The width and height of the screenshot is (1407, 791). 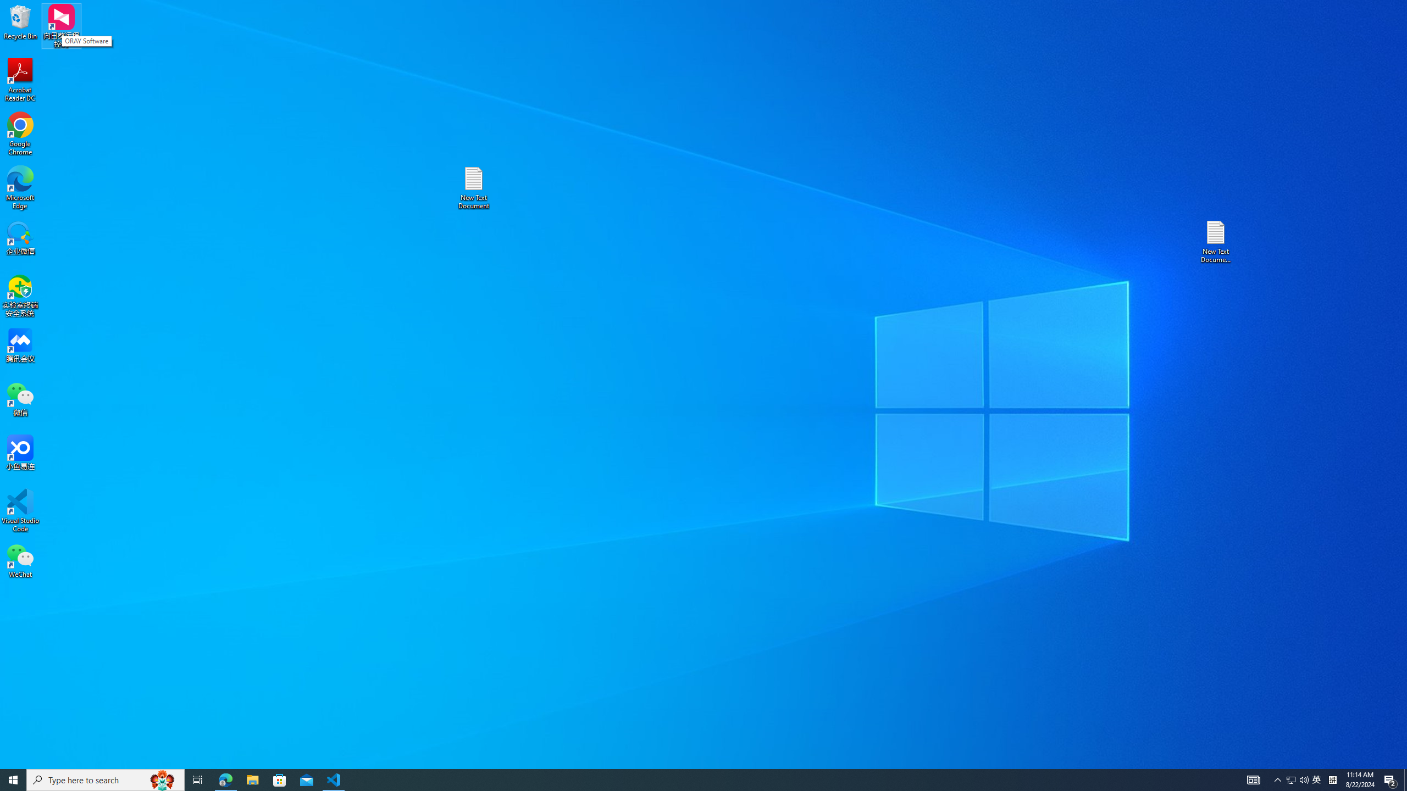 I want to click on 'Microsoft Store', so click(x=280, y=779).